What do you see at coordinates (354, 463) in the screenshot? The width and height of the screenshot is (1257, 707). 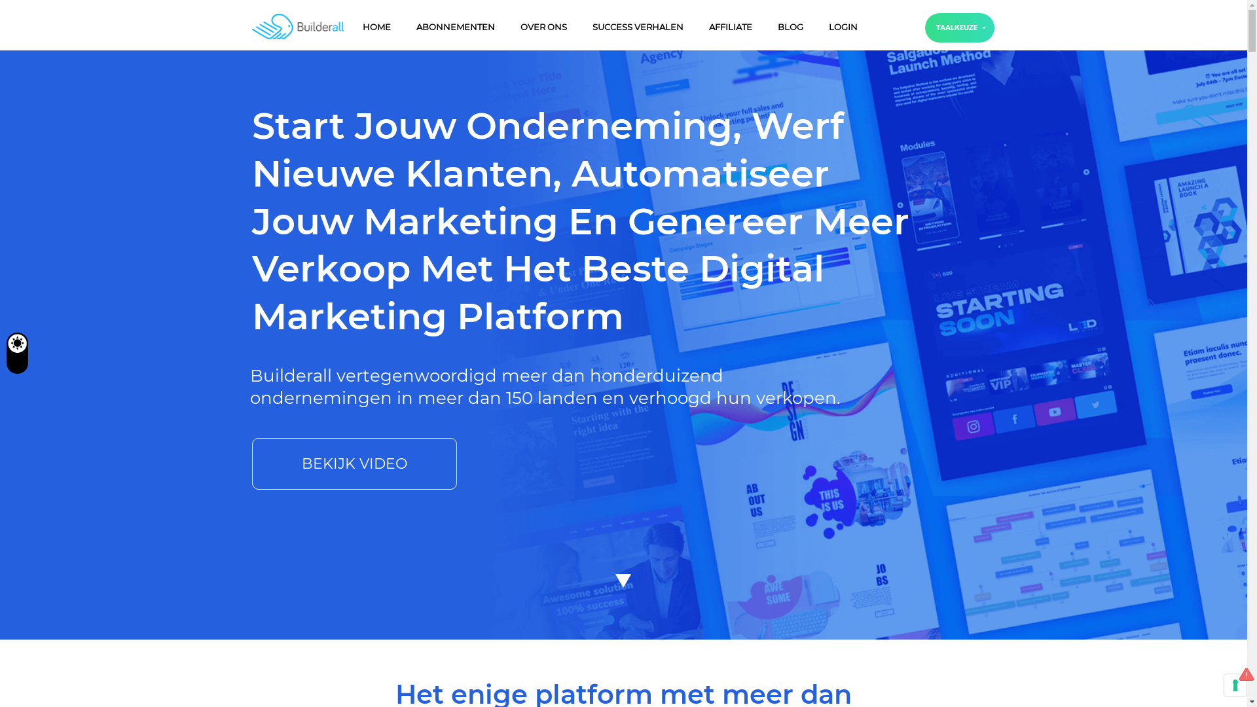 I see `'BEKIJK VIDEO'` at bounding box center [354, 463].